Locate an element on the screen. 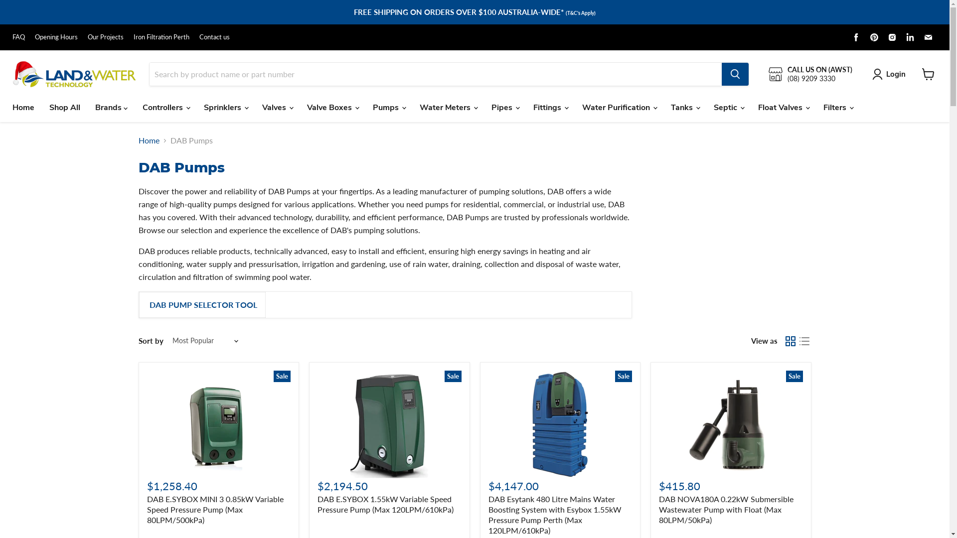 The image size is (957, 538). 'Contact us' is located at coordinates (199, 36).